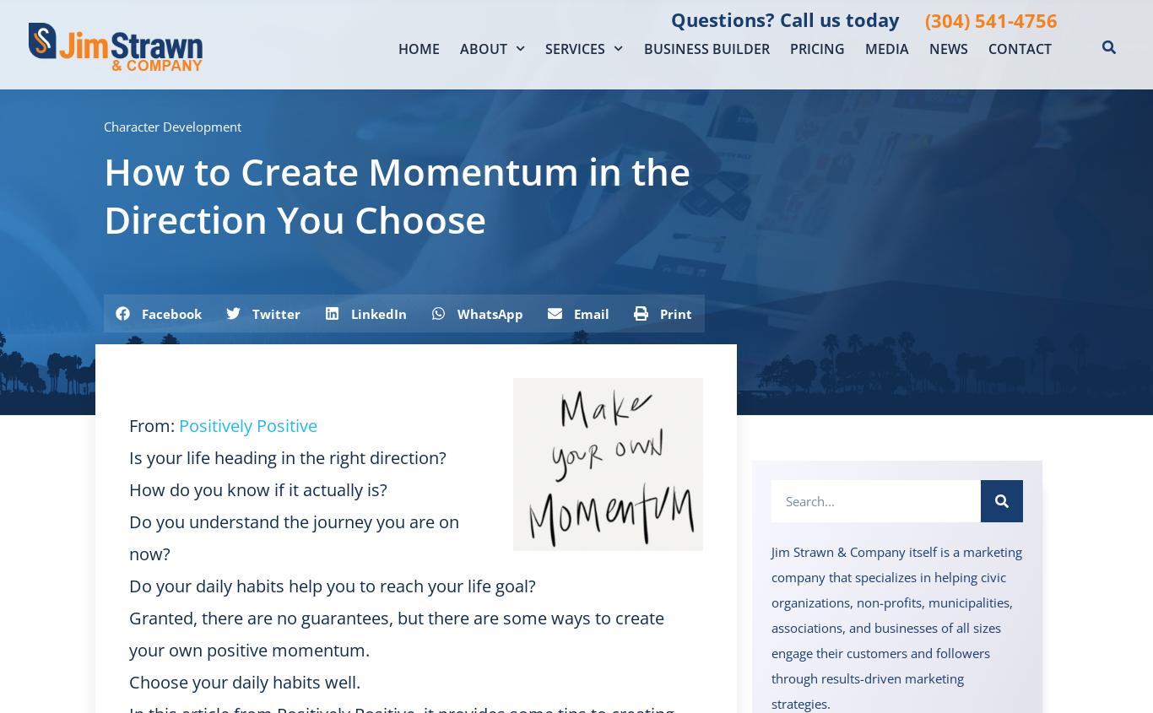 The image size is (1153, 713). Describe the element at coordinates (378, 312) in the screenshot. I see `'LinkedIn'` at that location.